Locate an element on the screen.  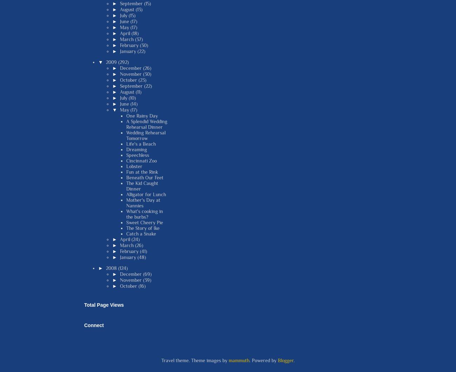
'Fun at the Rink' is located at coordinates (142, 171).